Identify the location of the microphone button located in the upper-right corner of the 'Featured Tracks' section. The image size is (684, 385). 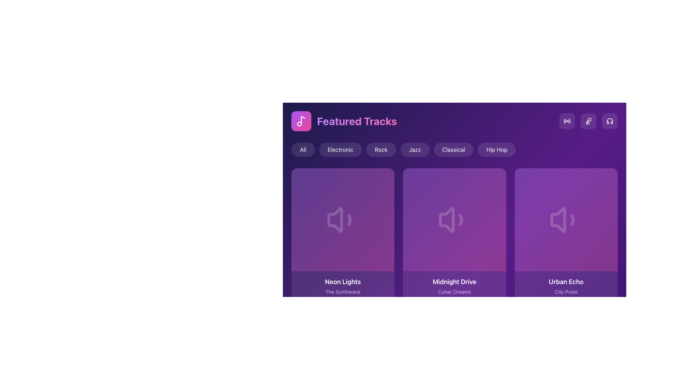
(588, 120).